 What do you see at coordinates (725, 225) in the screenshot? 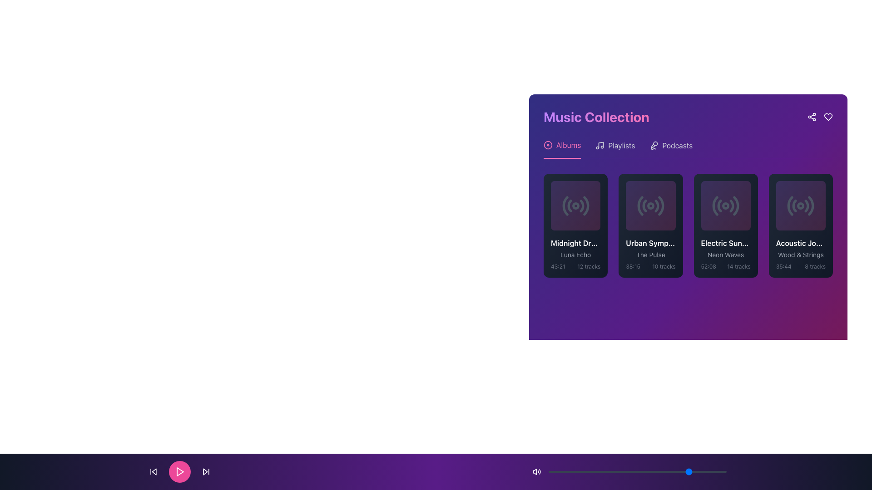
I see `the third card in the grid of music albums, which represents a music album or playlist` at bounding box center [725, 225].